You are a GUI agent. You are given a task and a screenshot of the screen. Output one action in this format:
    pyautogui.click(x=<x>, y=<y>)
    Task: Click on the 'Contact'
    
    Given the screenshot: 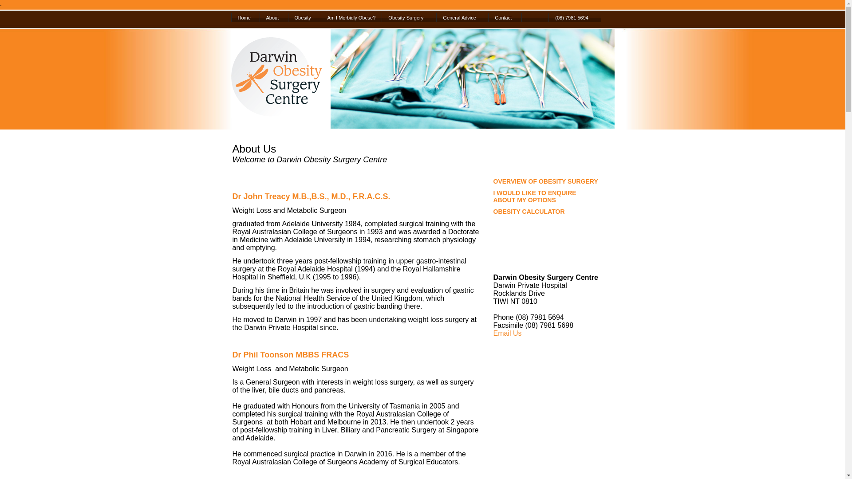 What is the action you would take?
    pyautogui.click(x=505, y=17)
    